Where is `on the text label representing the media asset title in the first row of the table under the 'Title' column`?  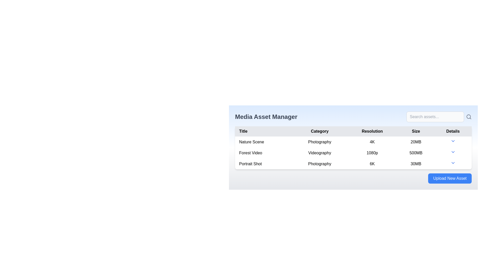 on the text label representing the media asset title in the first row of the table under the 'Title' column is located at coordinates (264, 142).